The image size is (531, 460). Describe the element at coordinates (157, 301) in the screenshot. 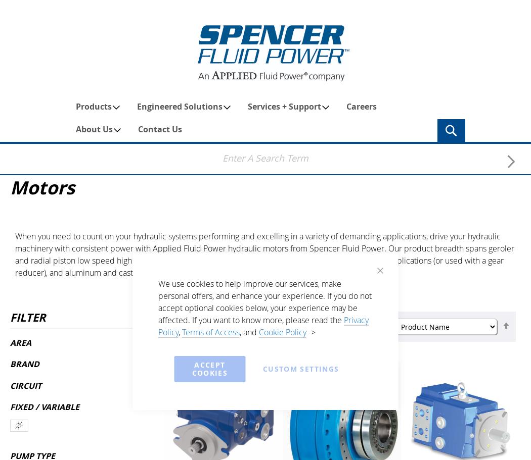

I see `'We use cookies to help improve our services, make personal offers, and enhance your experience. If you do not accept optional cookies below, your experience may be affected. If you want to know more, please read the'` at that location.